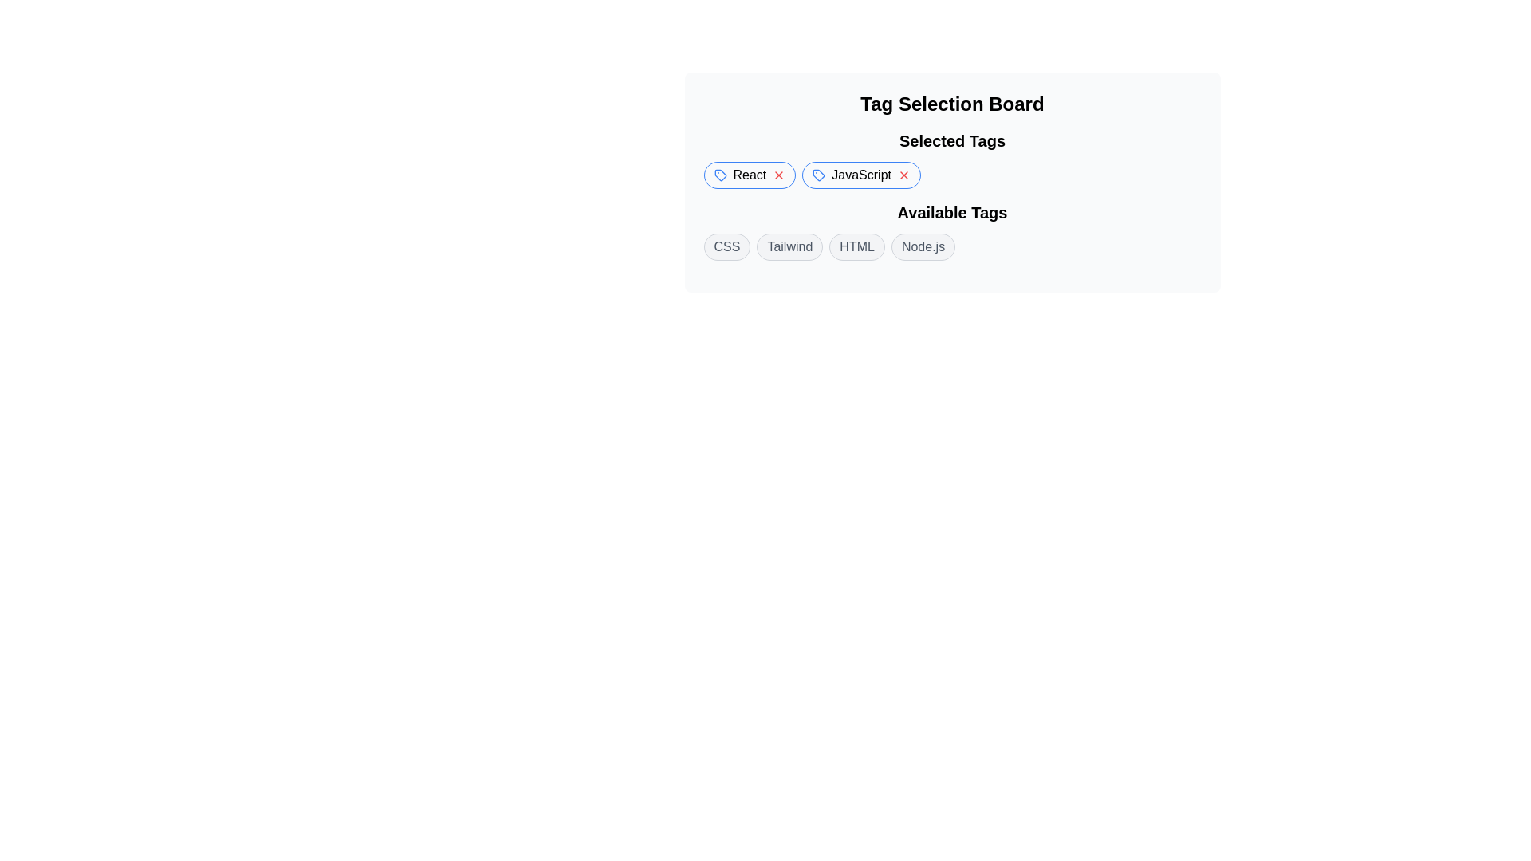 The height and width of the screenshot is (861, 1531). What do you see at coordinates (860, 175) in the screenshot?
I see `the 'JavaScript' tag with a remove button, which is the second item in the 'Selected Tags' section of the 'Tag Selection Board' interface` at bounding box center [860, 175].